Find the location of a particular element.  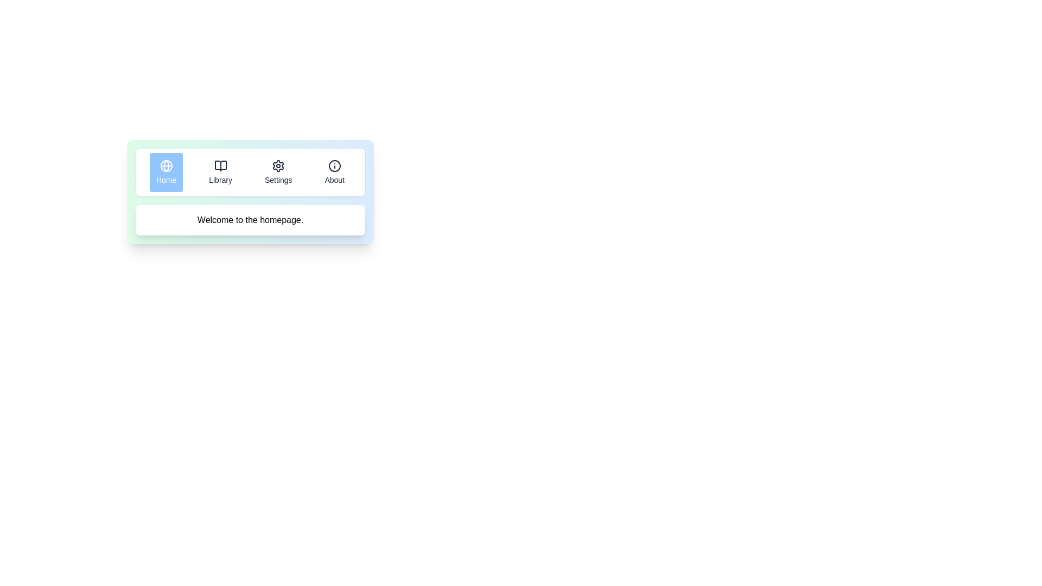

the tab labeled About is located at coordinates (334, 171).